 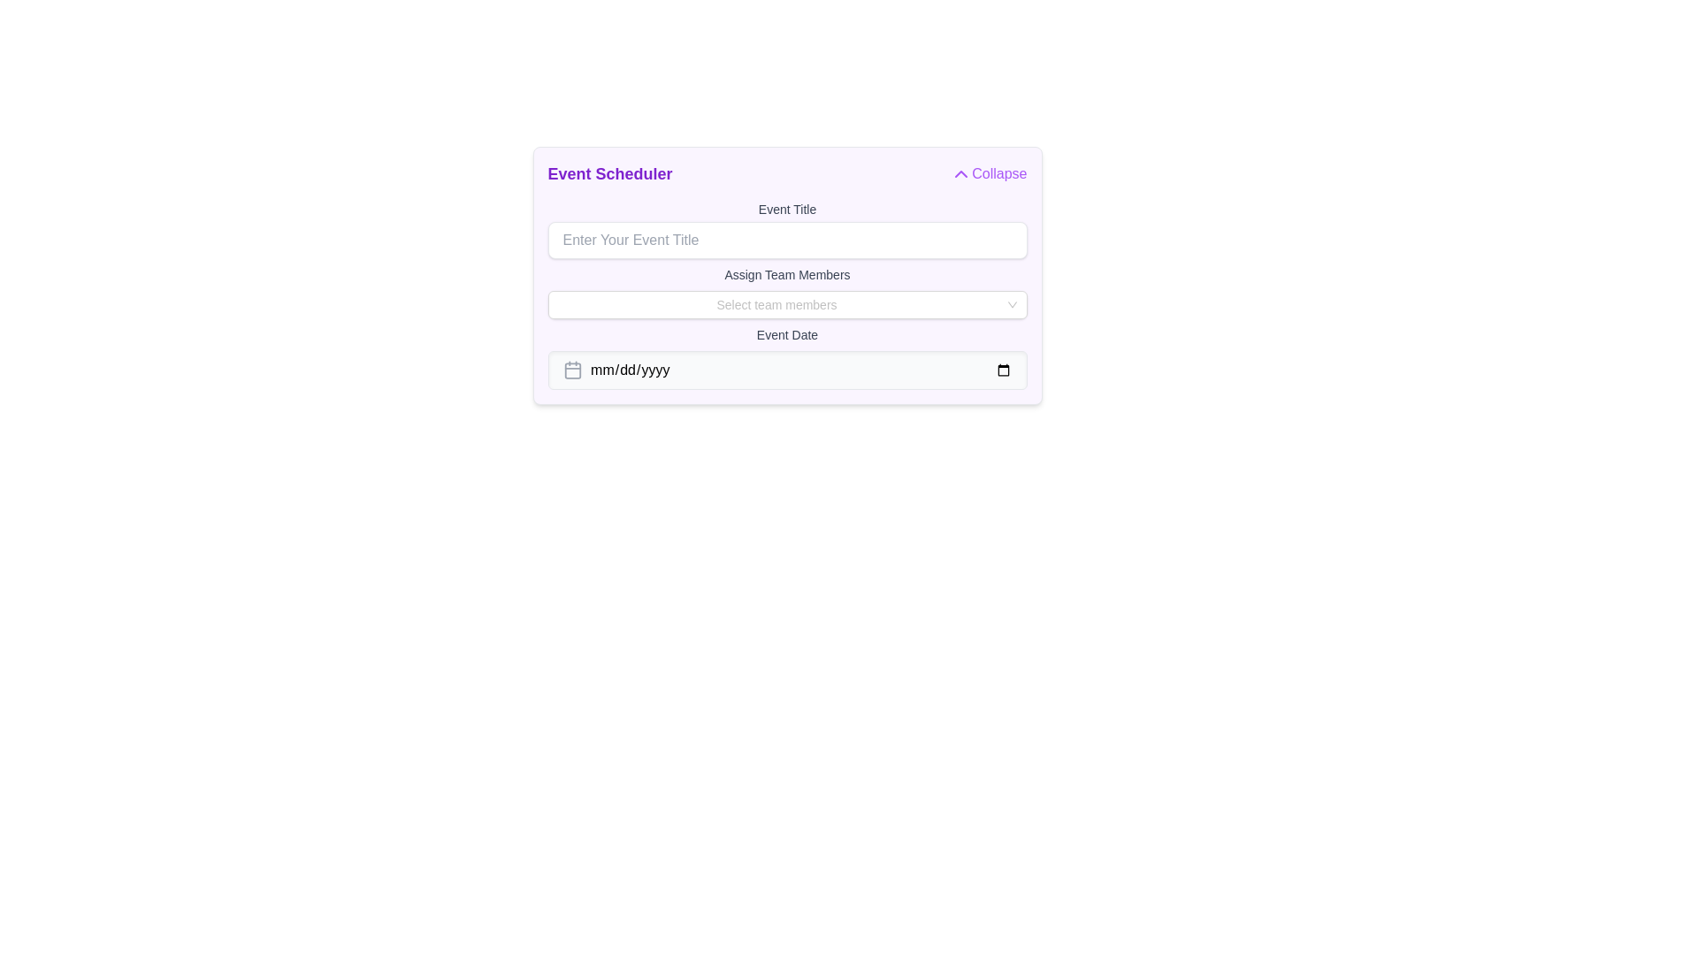 What do you see at coordinates (1012, 303) in the screenshot?
I see `the Dropdown toggle arrow located at the far-right end inside the 'Select team members' dropdown component to indicate interactivity` at bounding box center [1012, 303].